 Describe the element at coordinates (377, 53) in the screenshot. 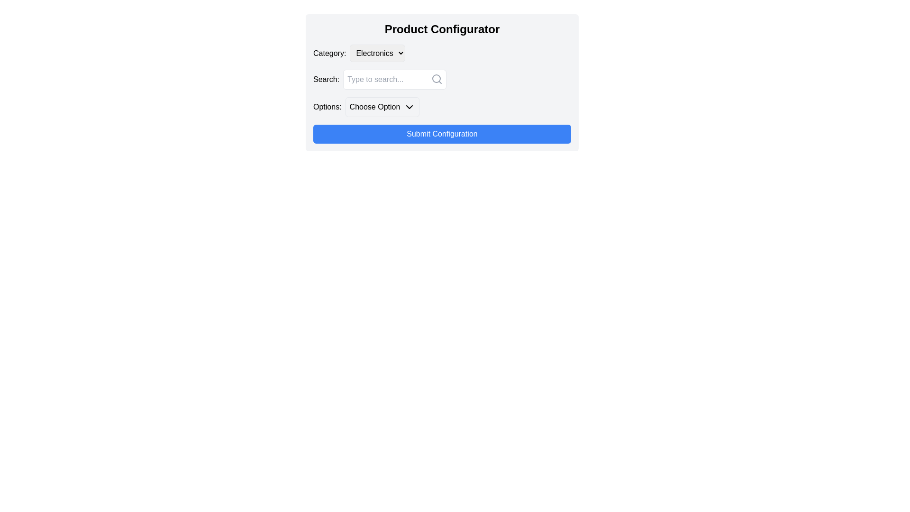

I see `the 'Electronics' dropdown menu located in the 'Product Configurator' section` at that location.